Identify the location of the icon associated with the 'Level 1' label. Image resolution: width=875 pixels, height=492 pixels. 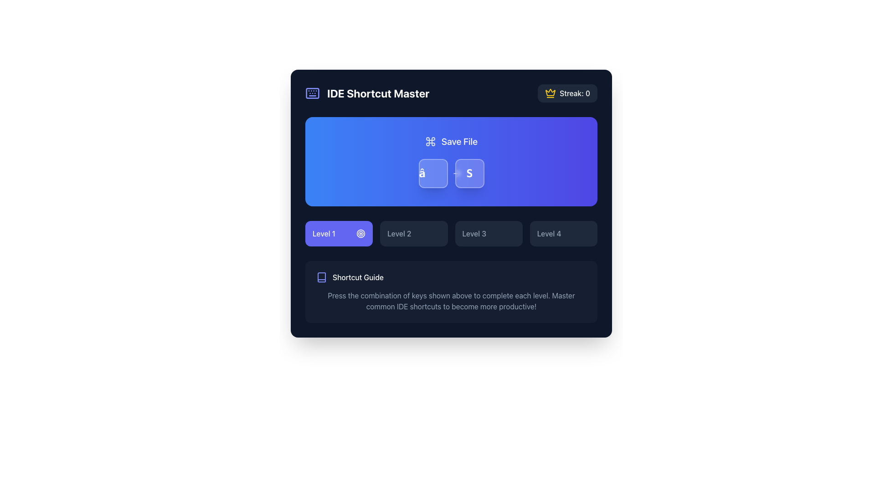
(360, 233).